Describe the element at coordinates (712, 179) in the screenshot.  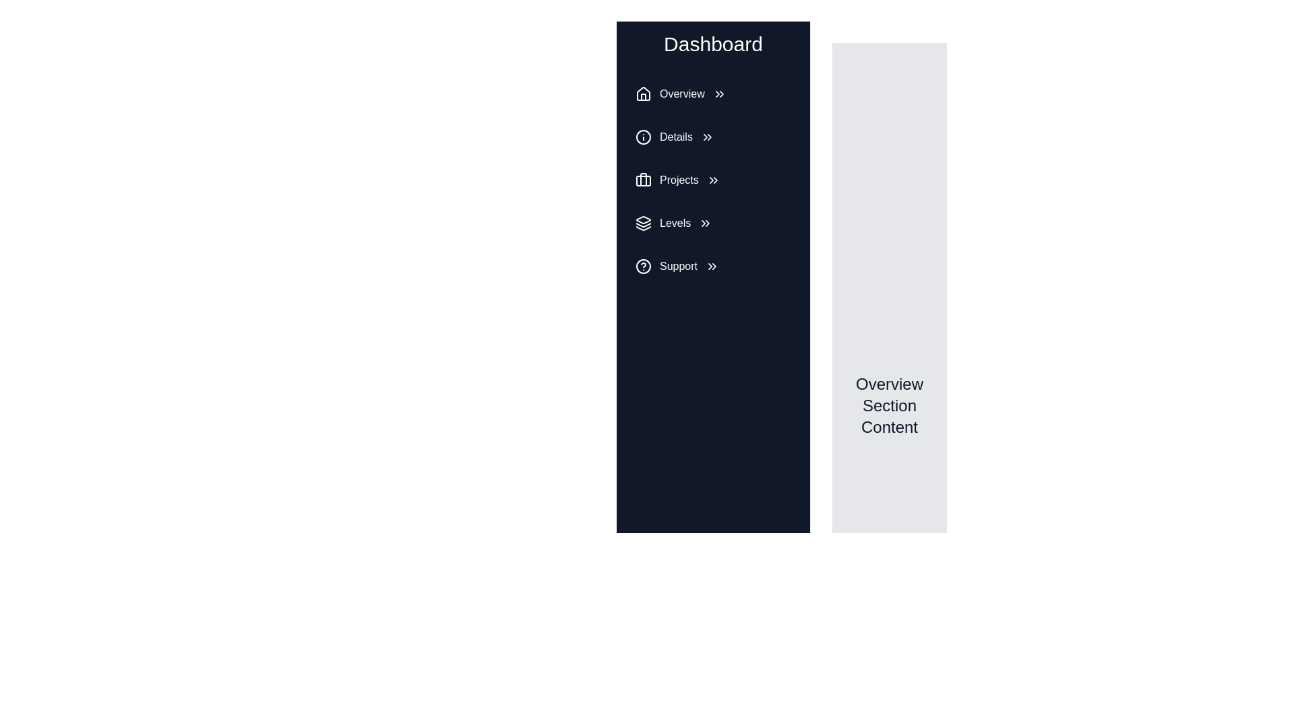
I see `the rightmost navigation arrow icons displayed in the 'Projects' menu item of the vertical navigation bar, which are styled with a thin white stroke on a dark navy background` at that location.